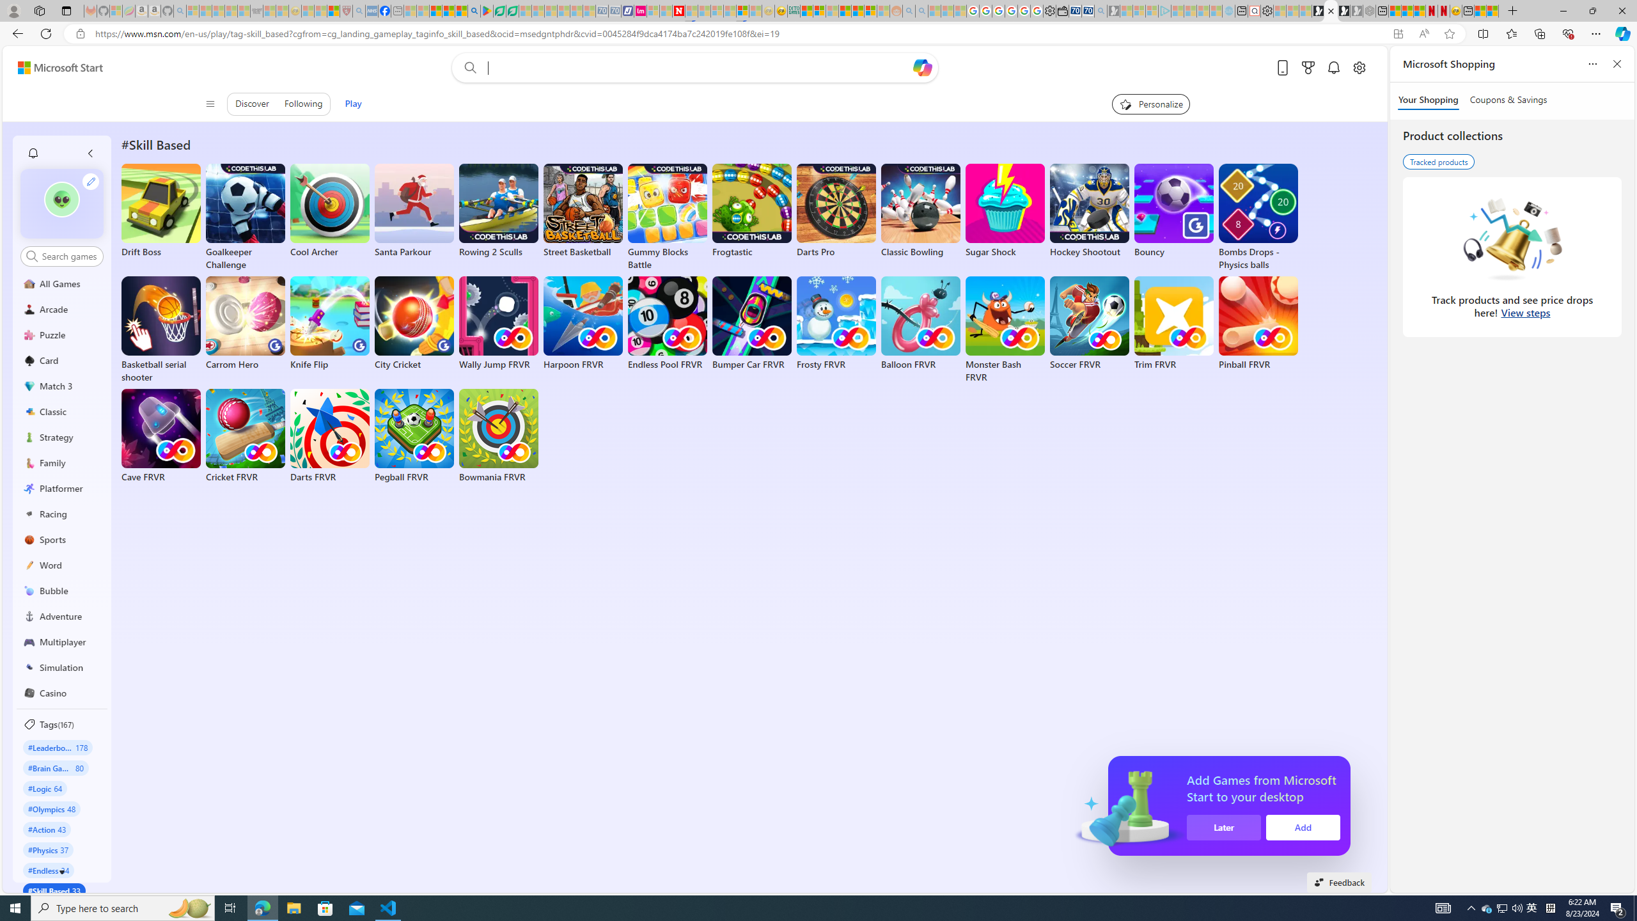 The image size is (1637, 921). I want to click on 'Frosty FRVR', so click(836, 323).